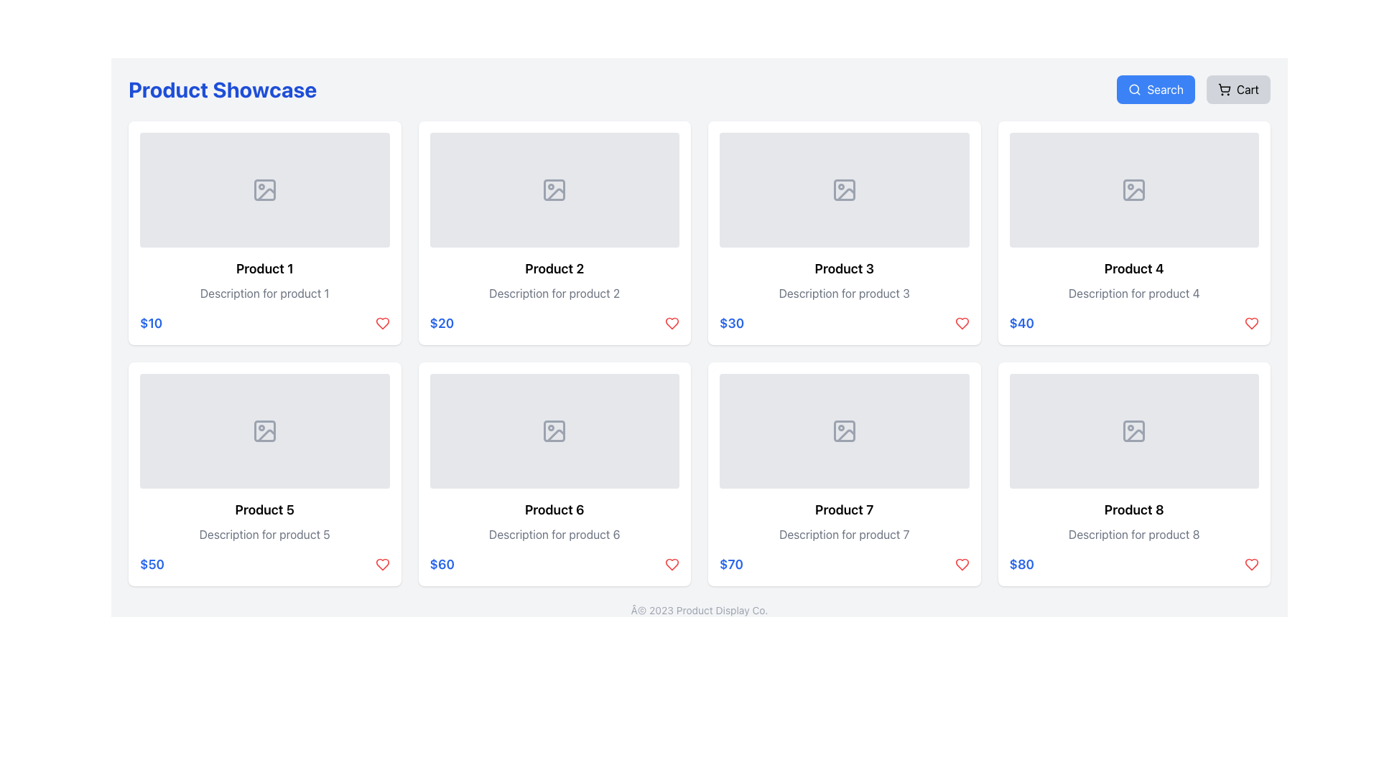 The height and width of the screenshot is (775, 1379). I want to click on the missing image icon in the card for 'Product 4', which is represented by a gray icon with geometric shapes and a diagonal line indicating a missing image, so click(1135, 194).